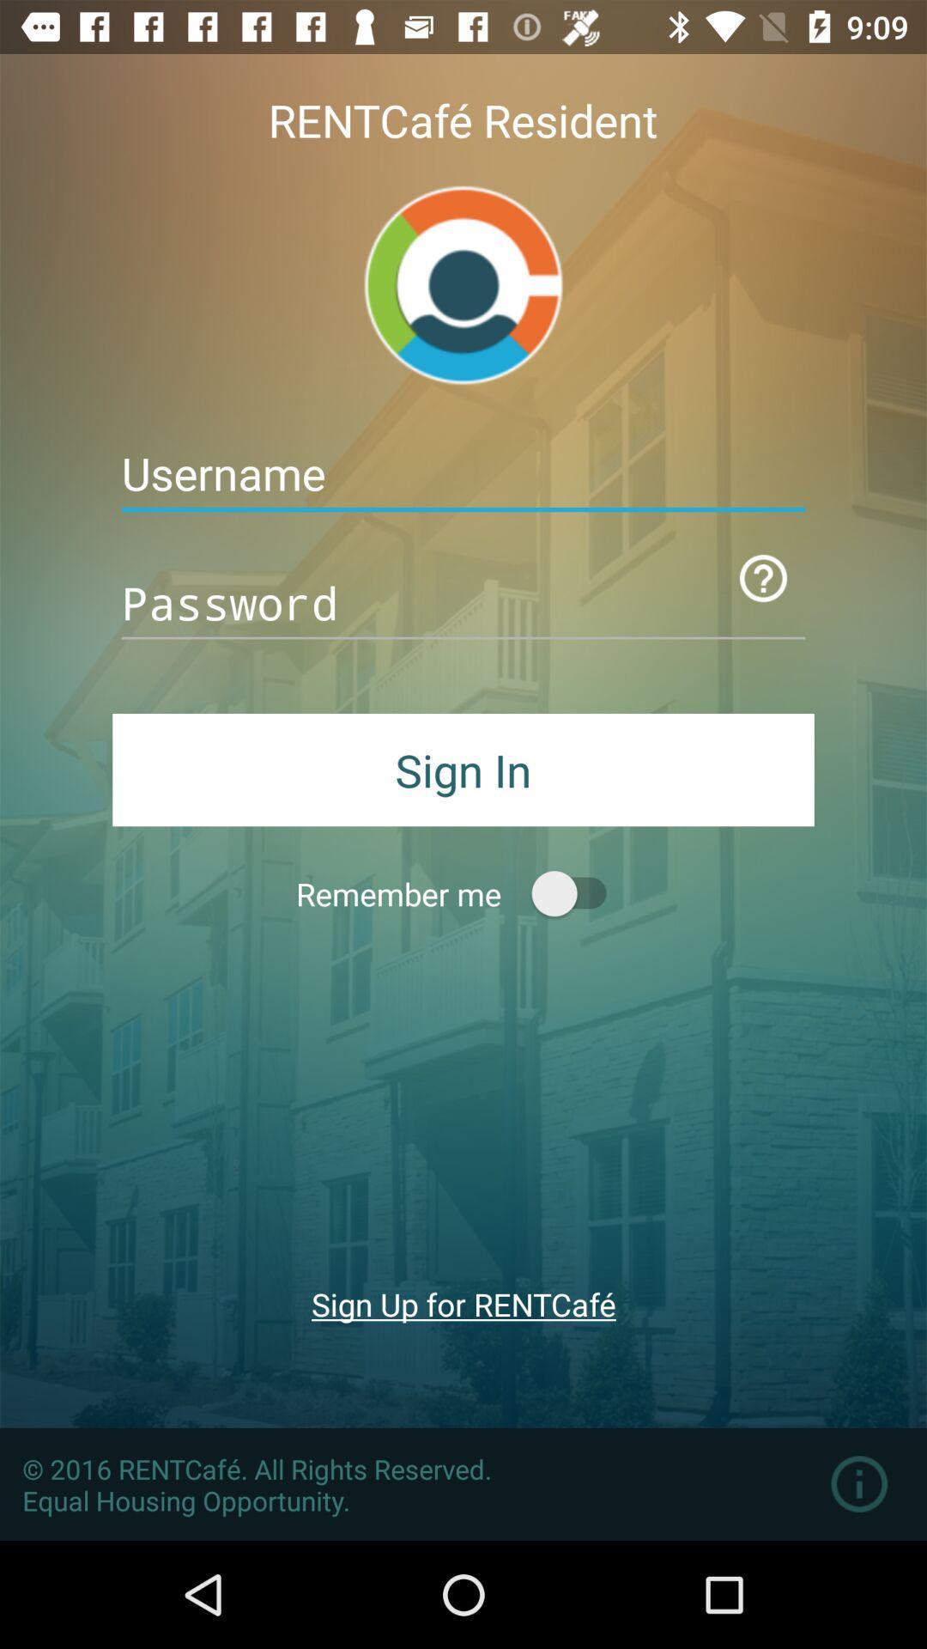 The width and height of the screenshot is (927, 1649). Describe the element at coordinates (577, 893) in the screenshot. I see `remember me button` at that location.